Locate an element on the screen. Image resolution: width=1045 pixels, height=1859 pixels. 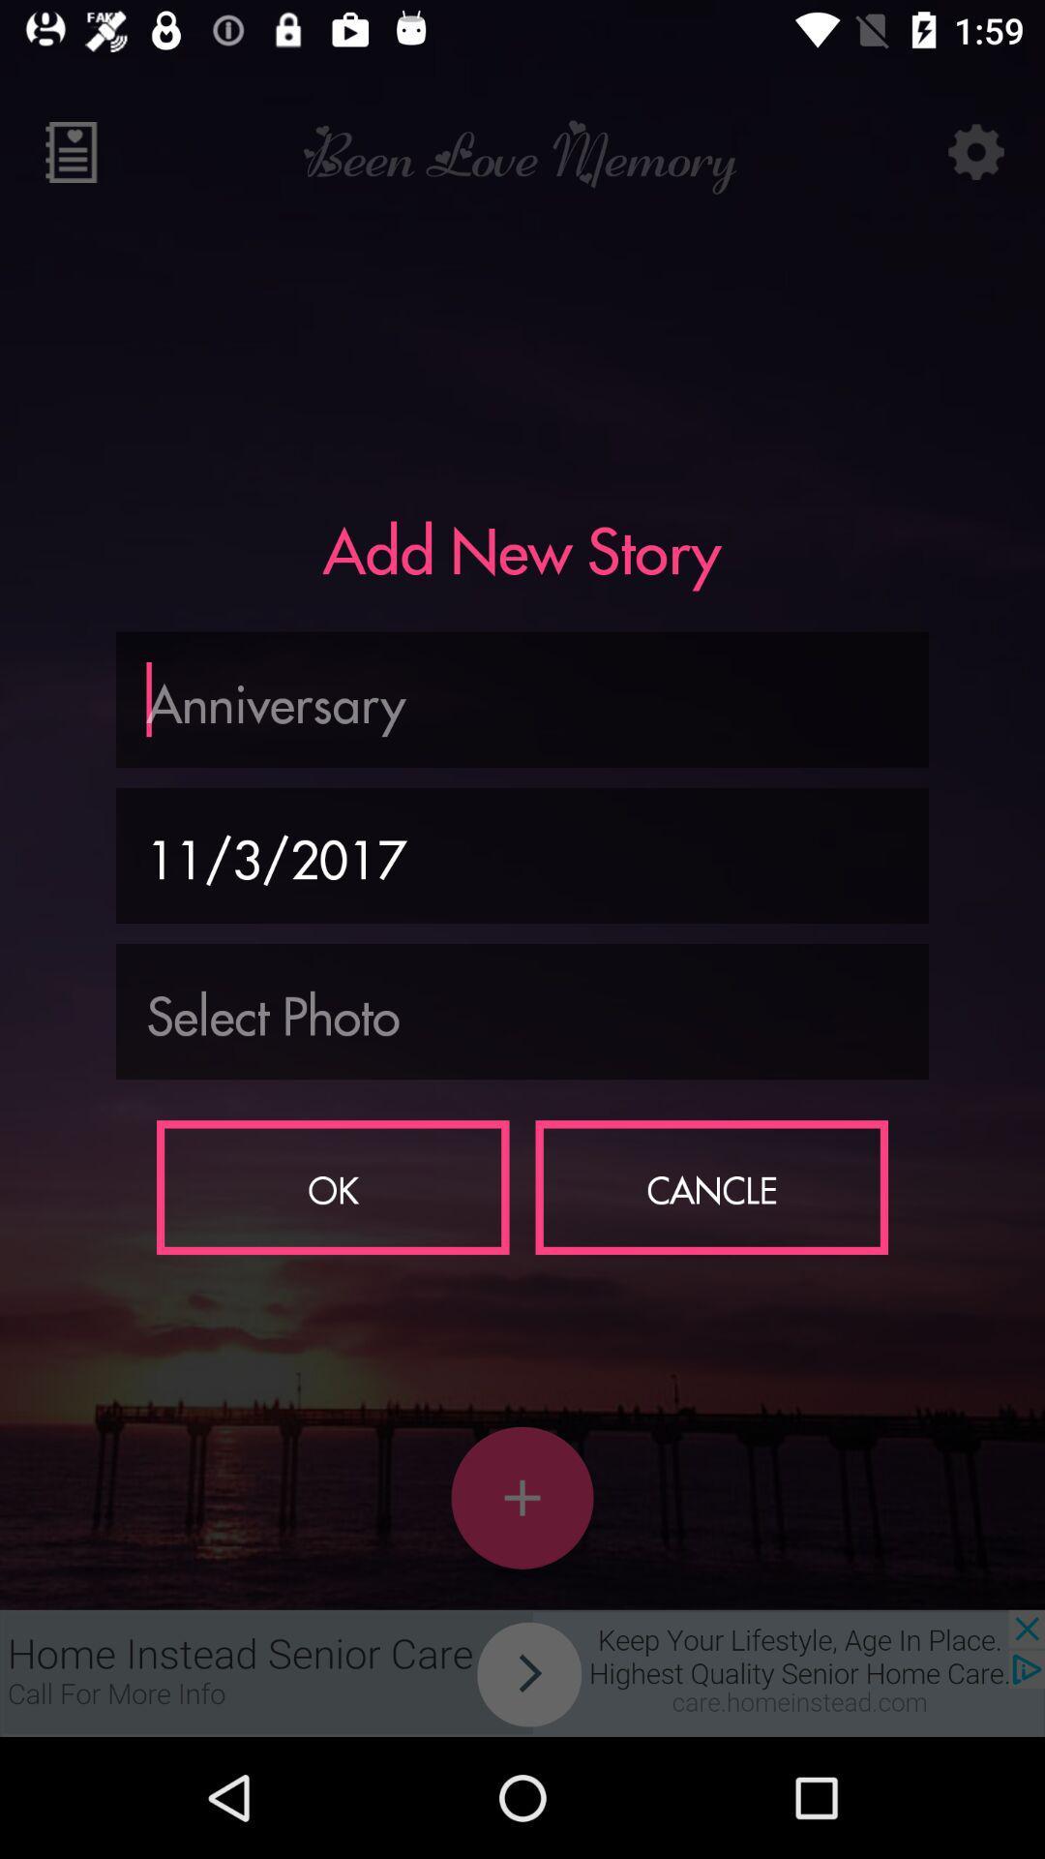
the cancle icon is located at coordinates (711, 1186).